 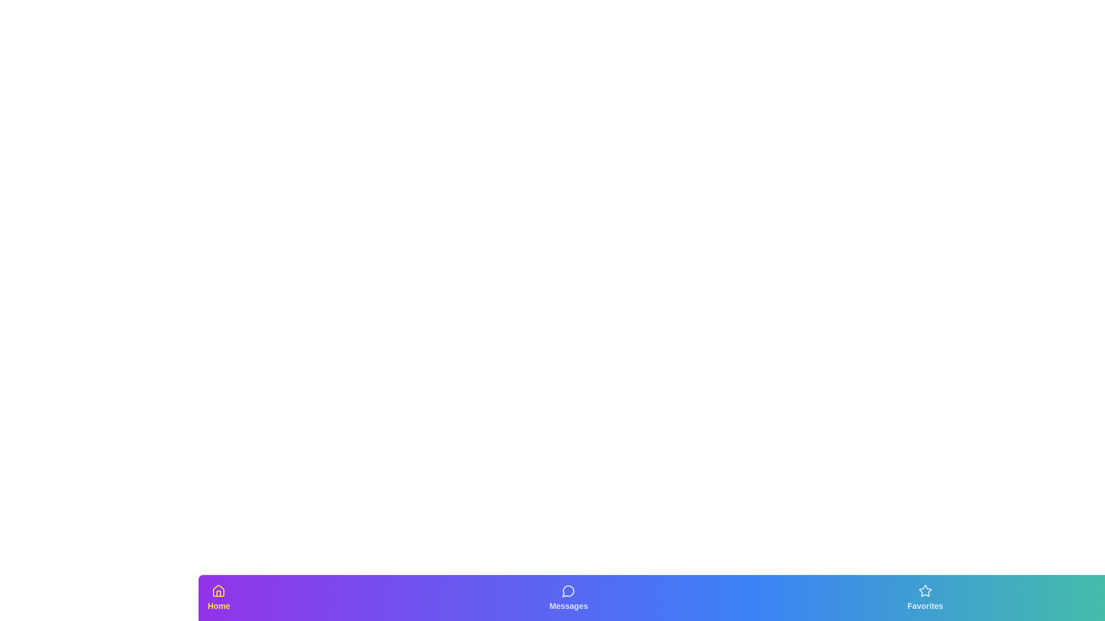 I want to click on the Messages tab in the bottom navigation bar, so click(x=569, y=597).